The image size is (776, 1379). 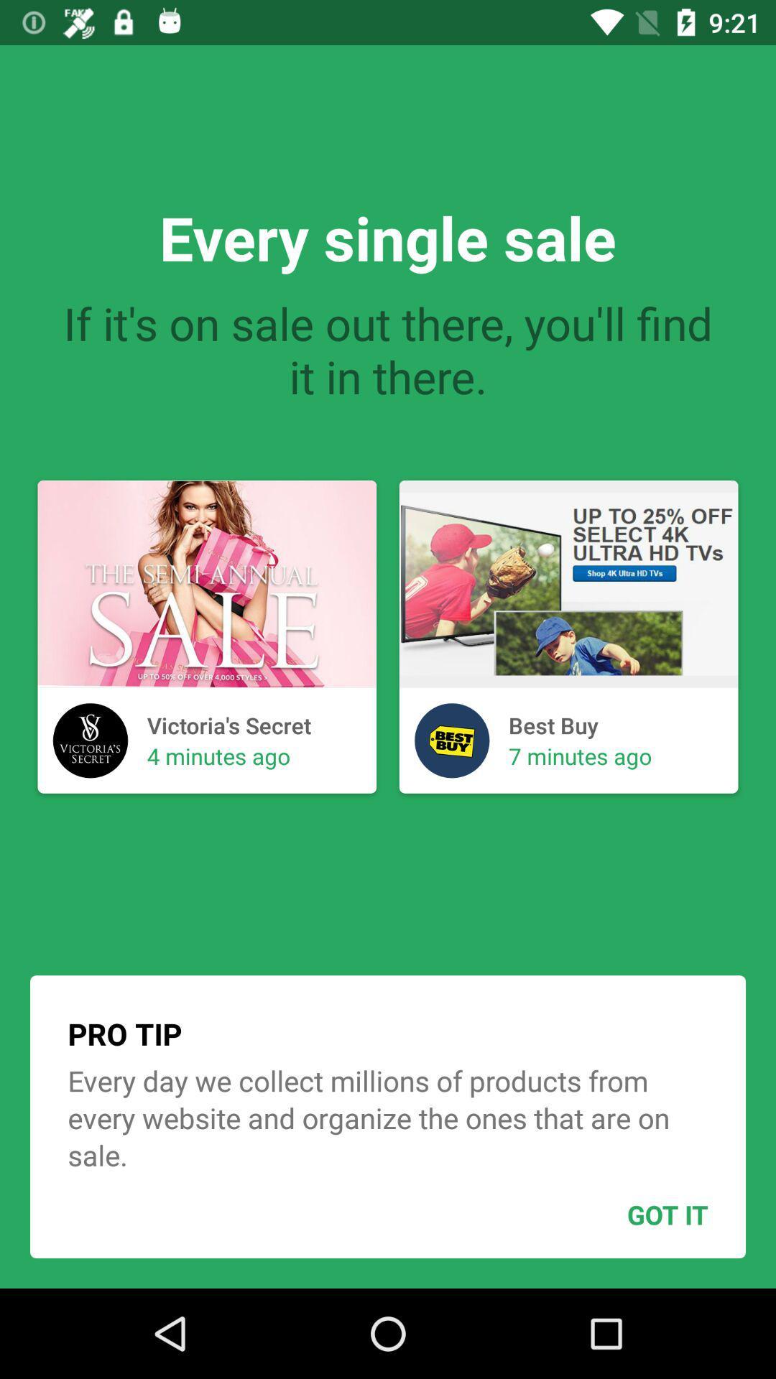 I want to click on the first image, so click(x=207, y=636).